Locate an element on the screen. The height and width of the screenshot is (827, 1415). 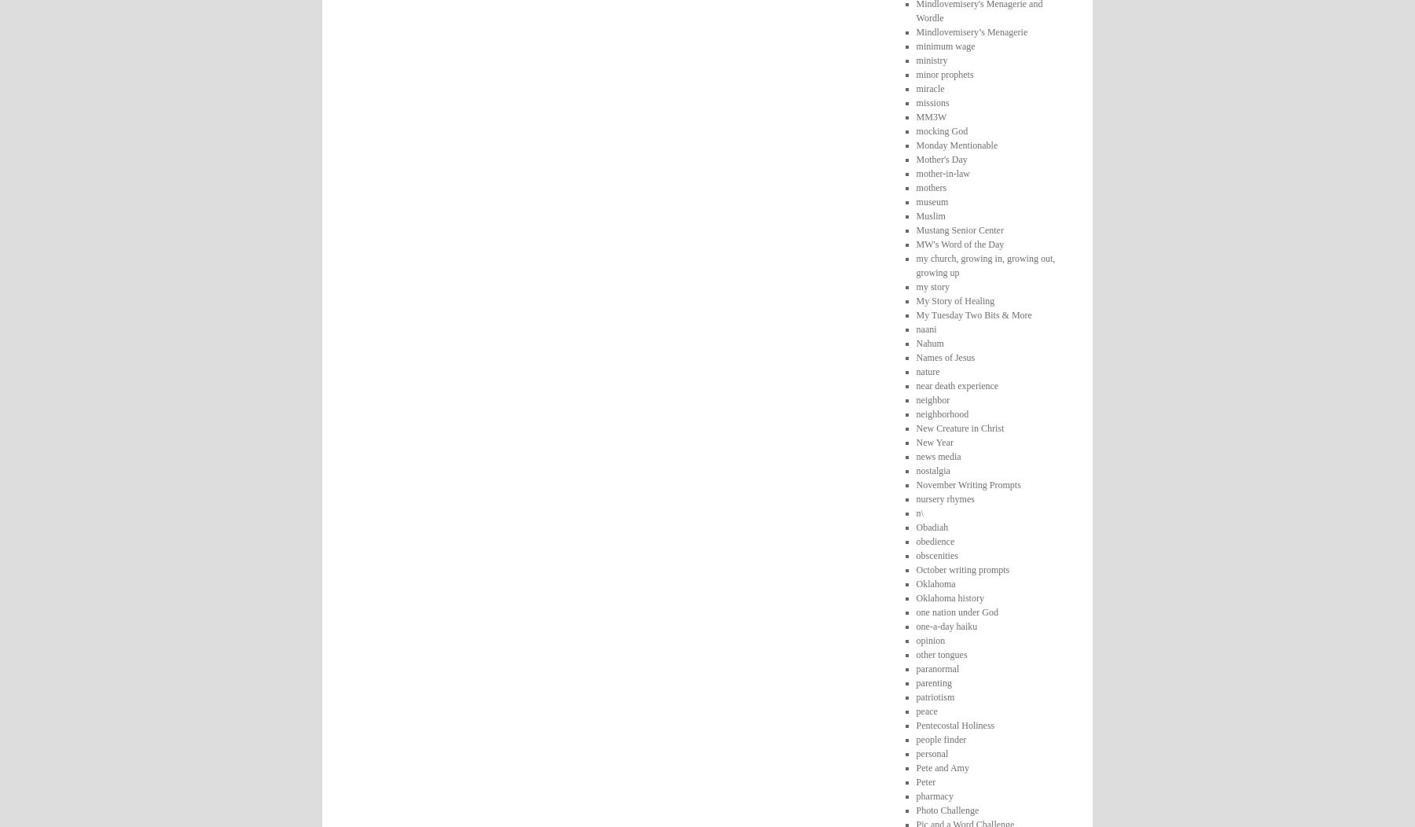
'Mindlovemisery’s Menagerie' is located at coordinates (971, 31).